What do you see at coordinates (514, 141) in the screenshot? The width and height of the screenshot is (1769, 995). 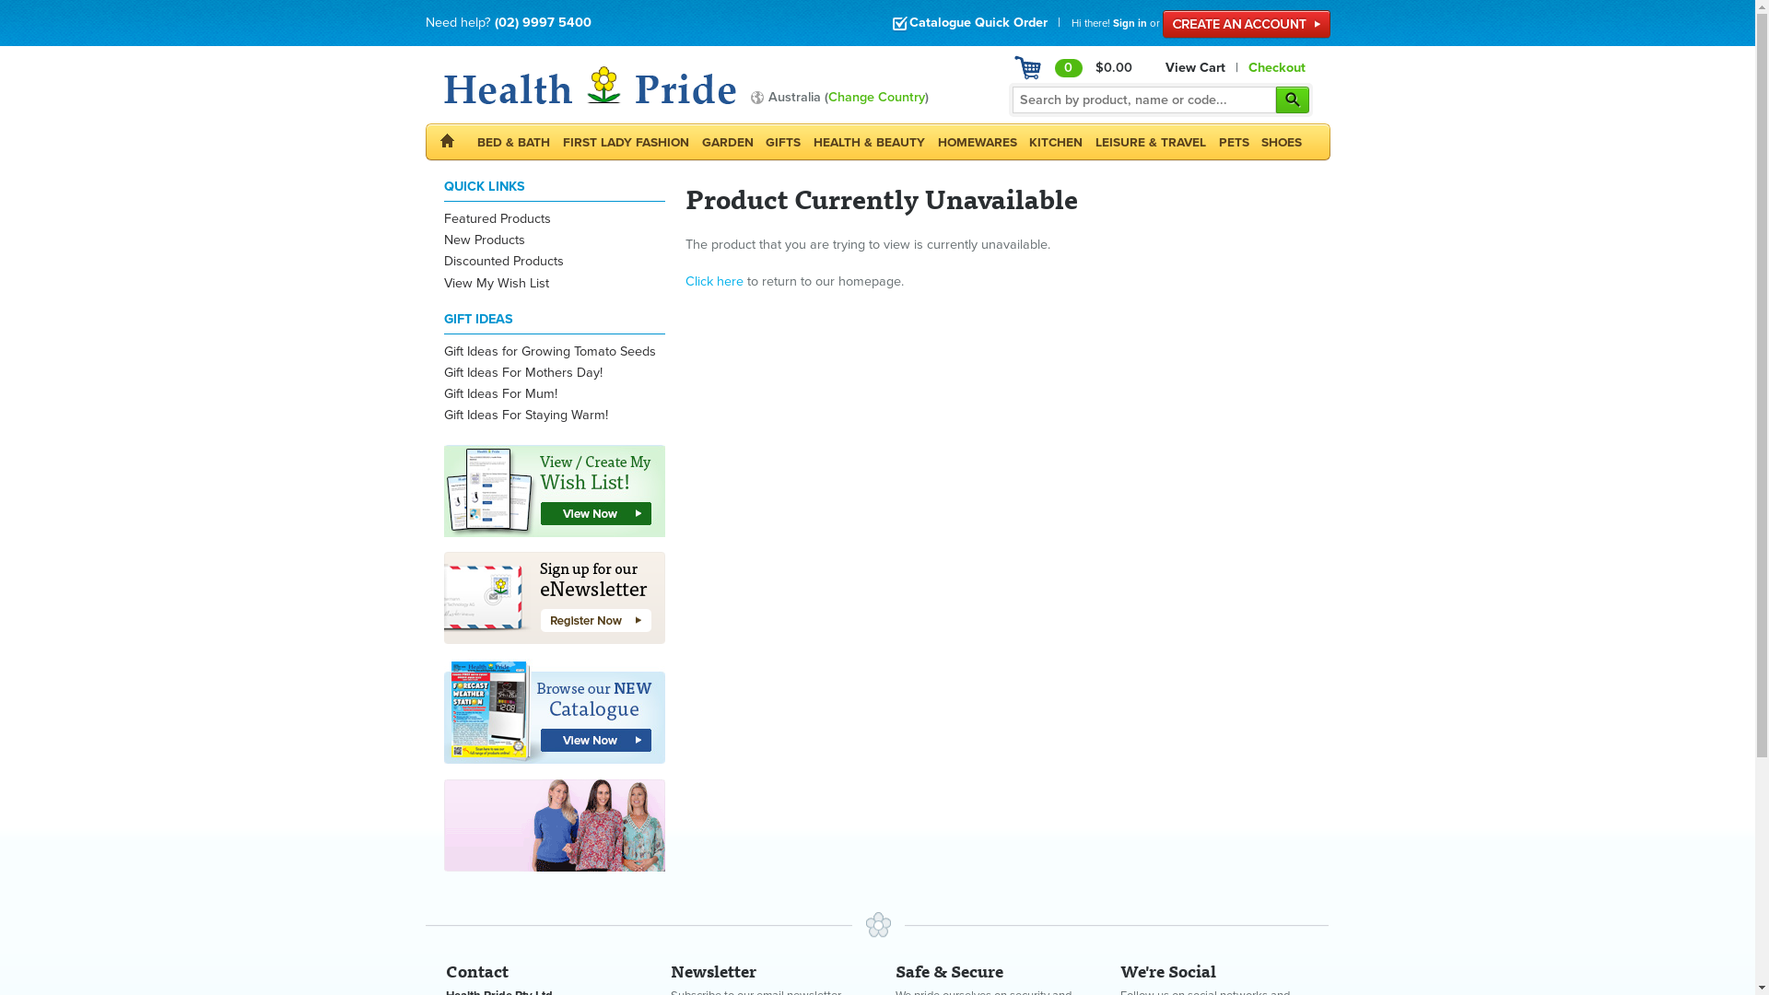 I see `'BED & BATH'` at bounding box center [514, 141].